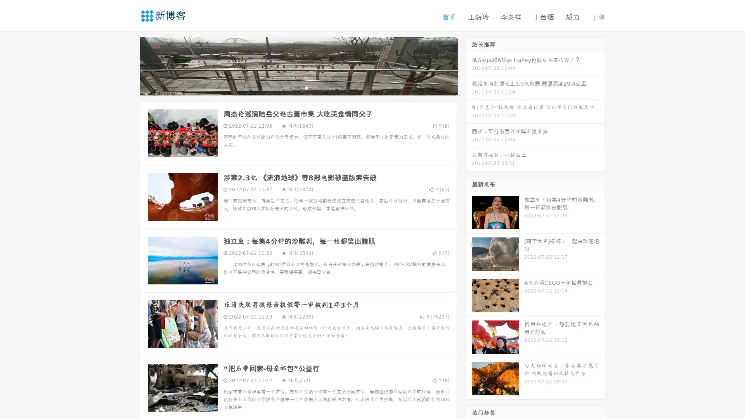 This screenshot has width=745, height=419. What do you see at coordinates (298, 87) in the screenshot?
I see `Go to slide 2` at bounding box center [298, 87].